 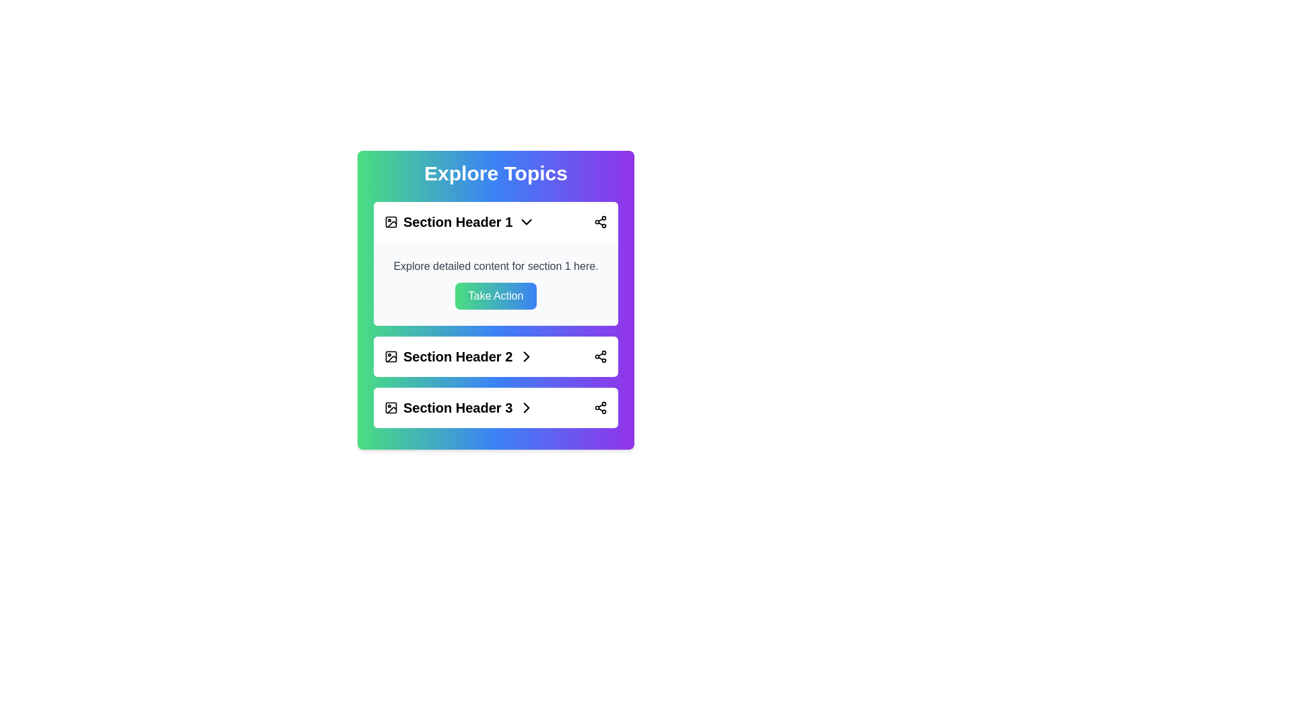 What do you see at coordinates (495, 295) in the screenshot?
I see `the button located below the text 'Explore detailed content for section 1 here.' in the card for 'Section Header 1' to initiate the action` at bounding box center [495, 295].